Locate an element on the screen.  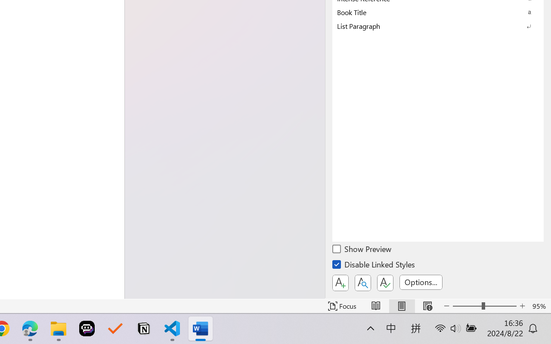
'Zoom 95%' is located at coordinates (539, 306).